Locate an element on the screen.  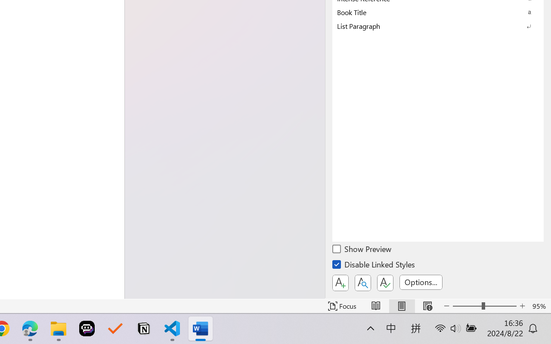
'Zoom 95%' is located at coordinates (539, 306).